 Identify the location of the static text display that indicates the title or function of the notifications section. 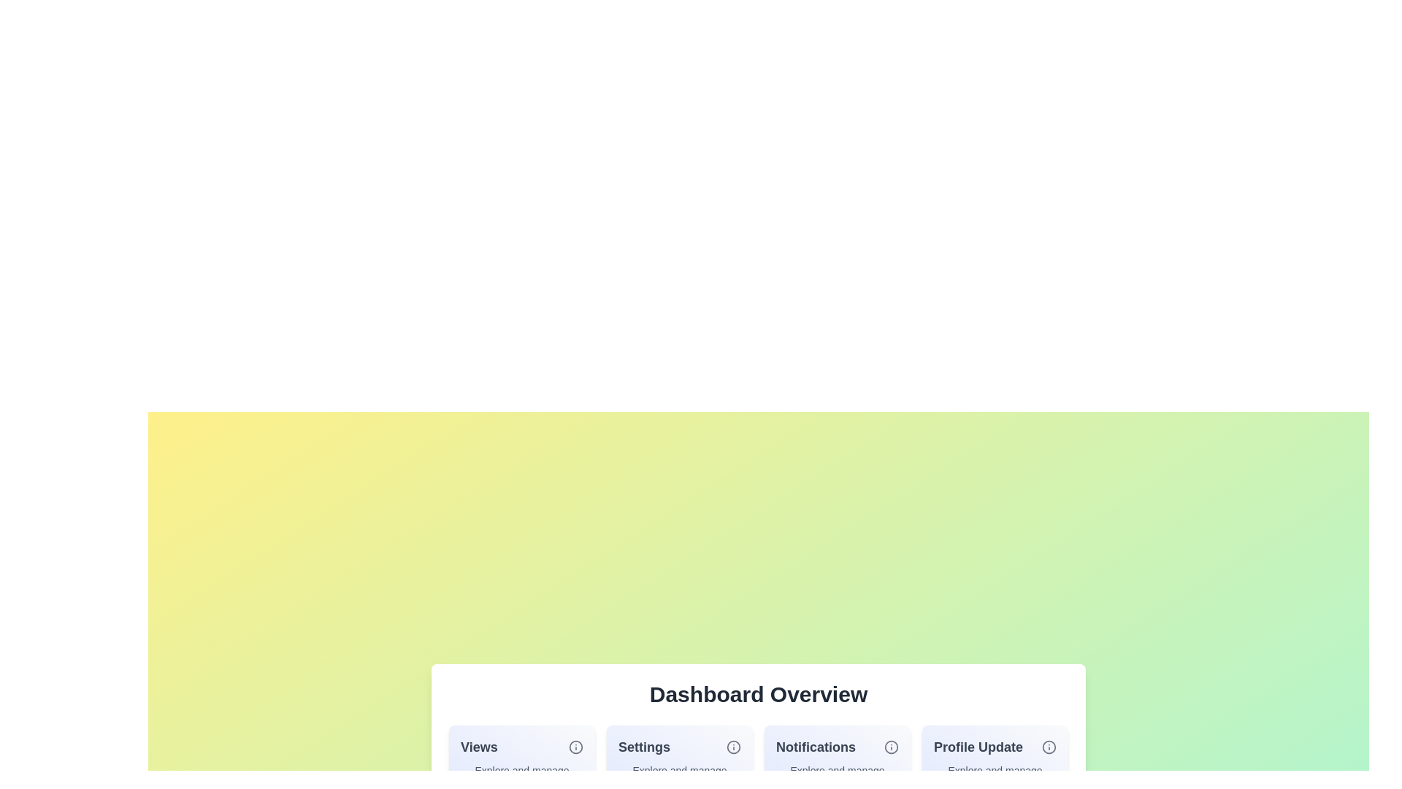
(815, 747).